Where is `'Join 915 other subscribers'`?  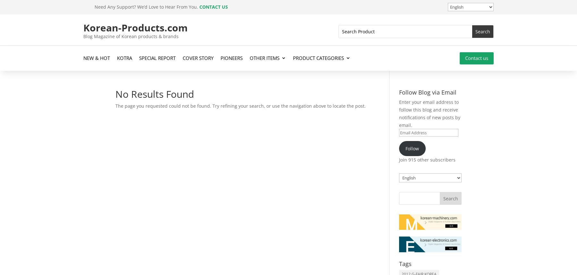 'Join 915 other subscribers' is located at coordinates (427, 159).